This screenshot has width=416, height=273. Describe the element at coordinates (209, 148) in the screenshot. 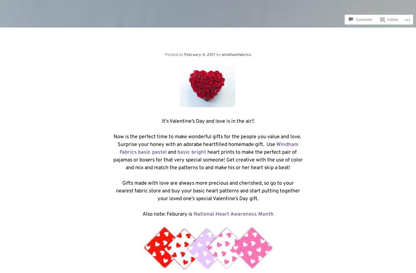

I see `'Windham Fabrics'` at that location.